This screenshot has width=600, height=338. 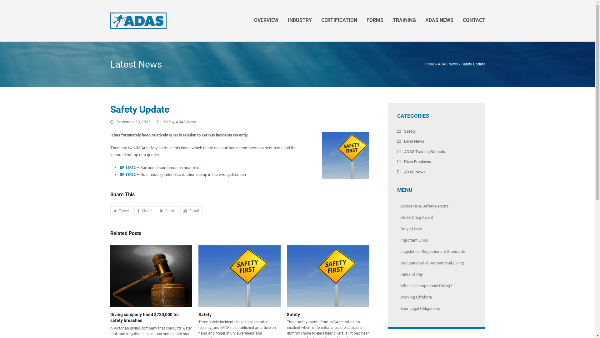 I want to click on 'Share', so click(x=167, y=211).